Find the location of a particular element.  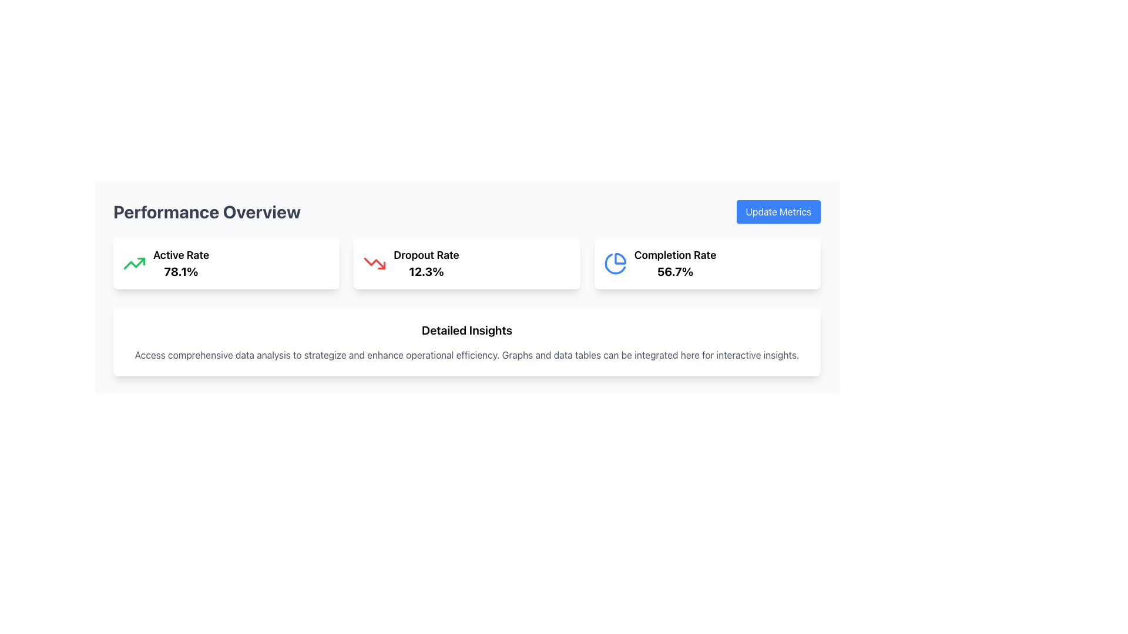

the textual paragraph styled in light gray font color that provides details about data analysis, located below the title 'Detailed Insights' is located at coordinates (466, 355).